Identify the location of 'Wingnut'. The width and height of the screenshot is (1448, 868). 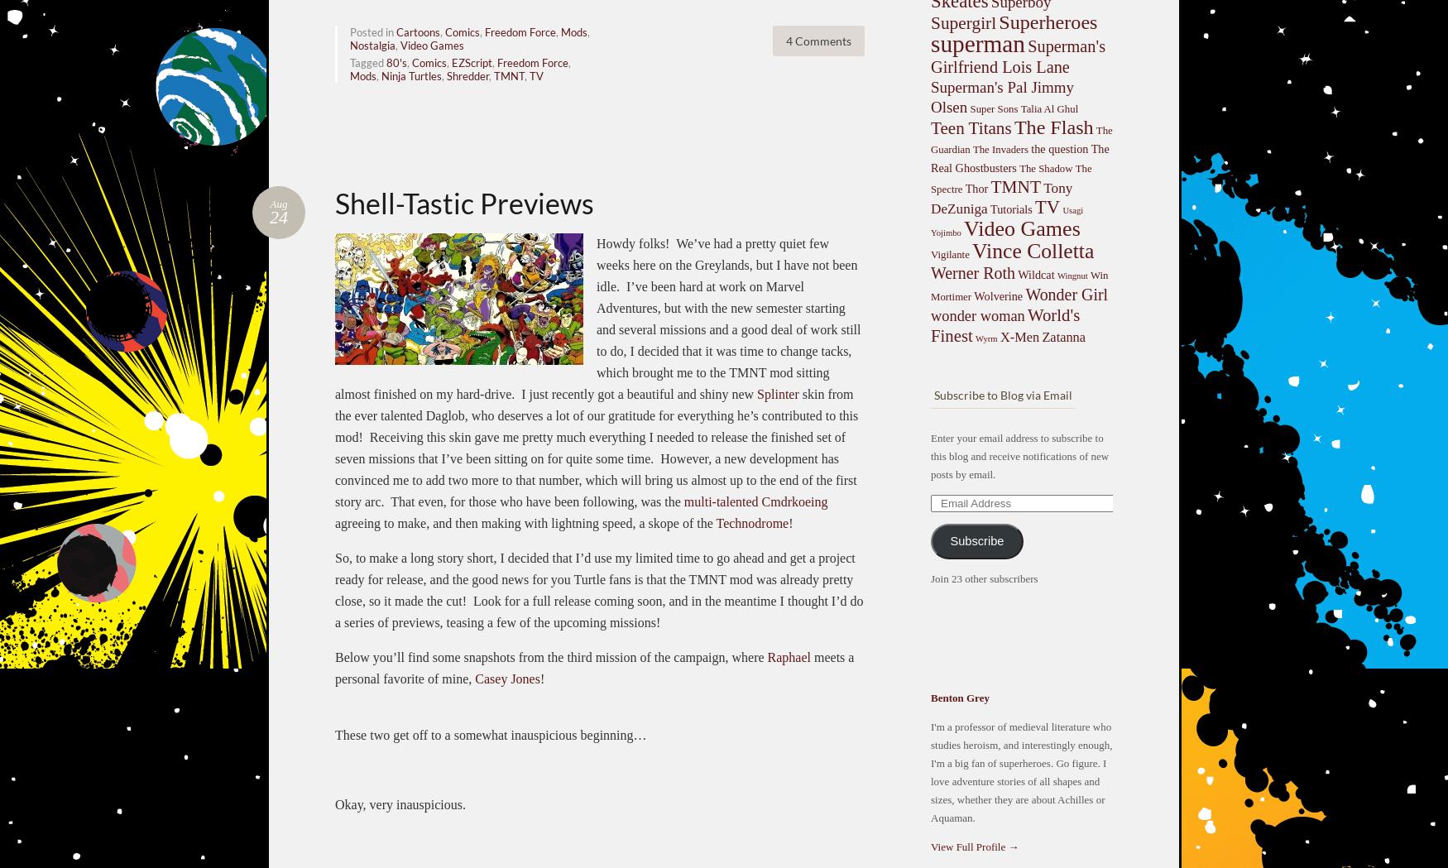
(1055, 275).